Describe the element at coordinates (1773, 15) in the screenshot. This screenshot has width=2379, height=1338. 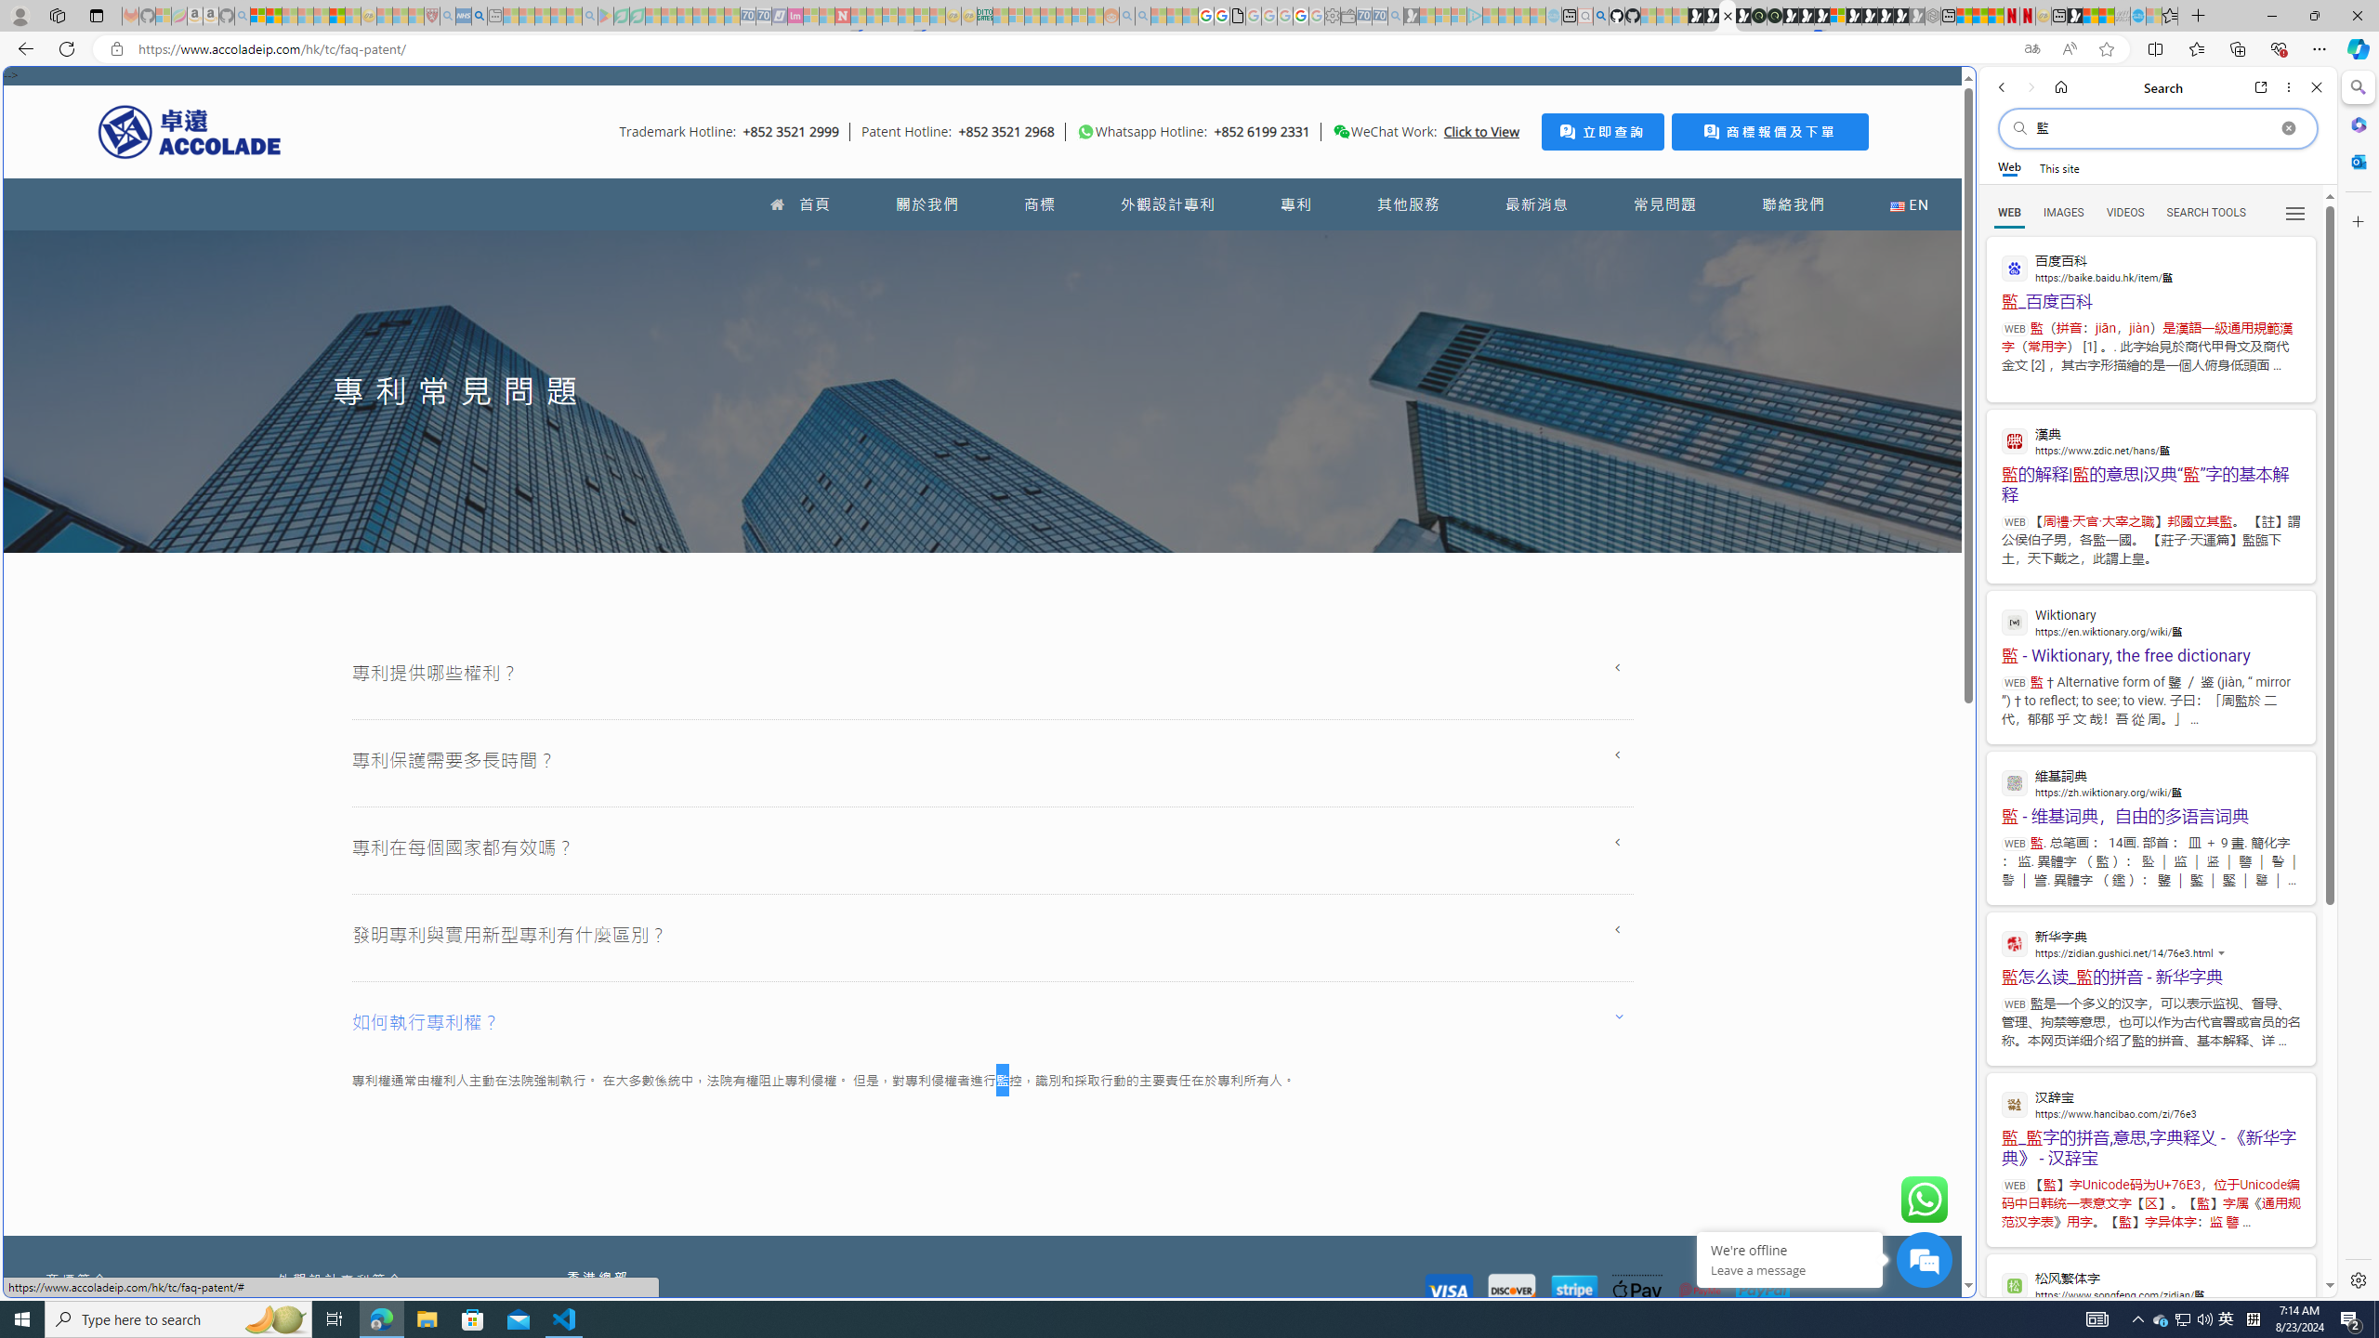
I see `'Future Focus Report 2024'` at that location.